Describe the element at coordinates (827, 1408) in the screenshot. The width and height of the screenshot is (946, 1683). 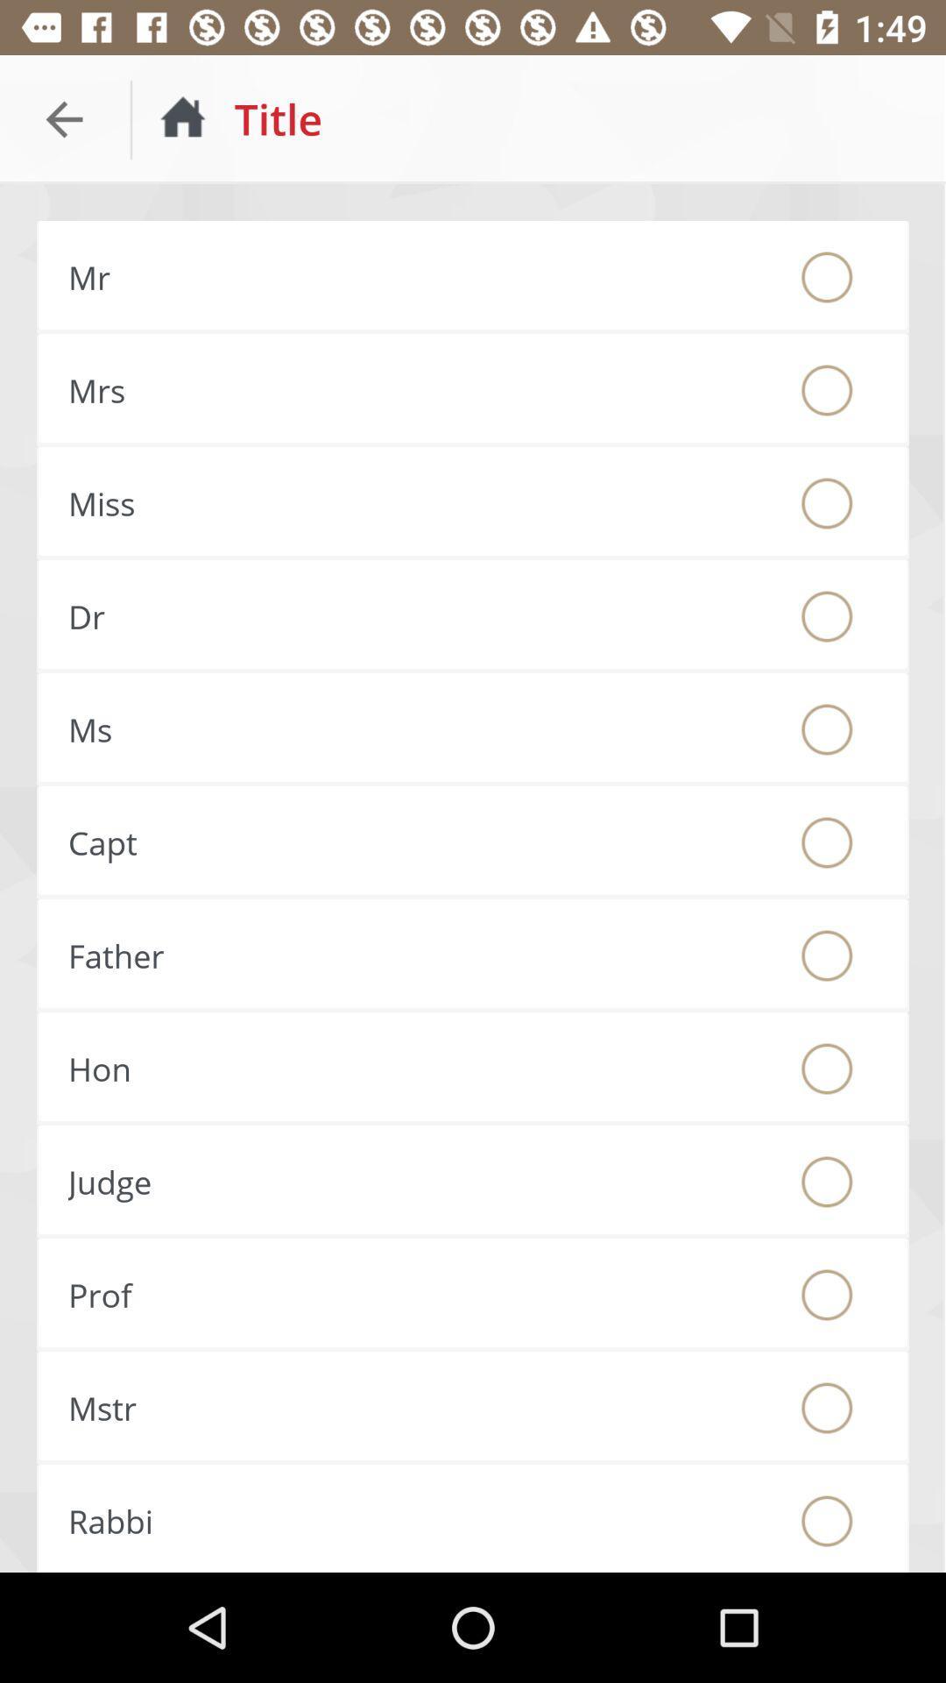
I see `title selector` at that location.